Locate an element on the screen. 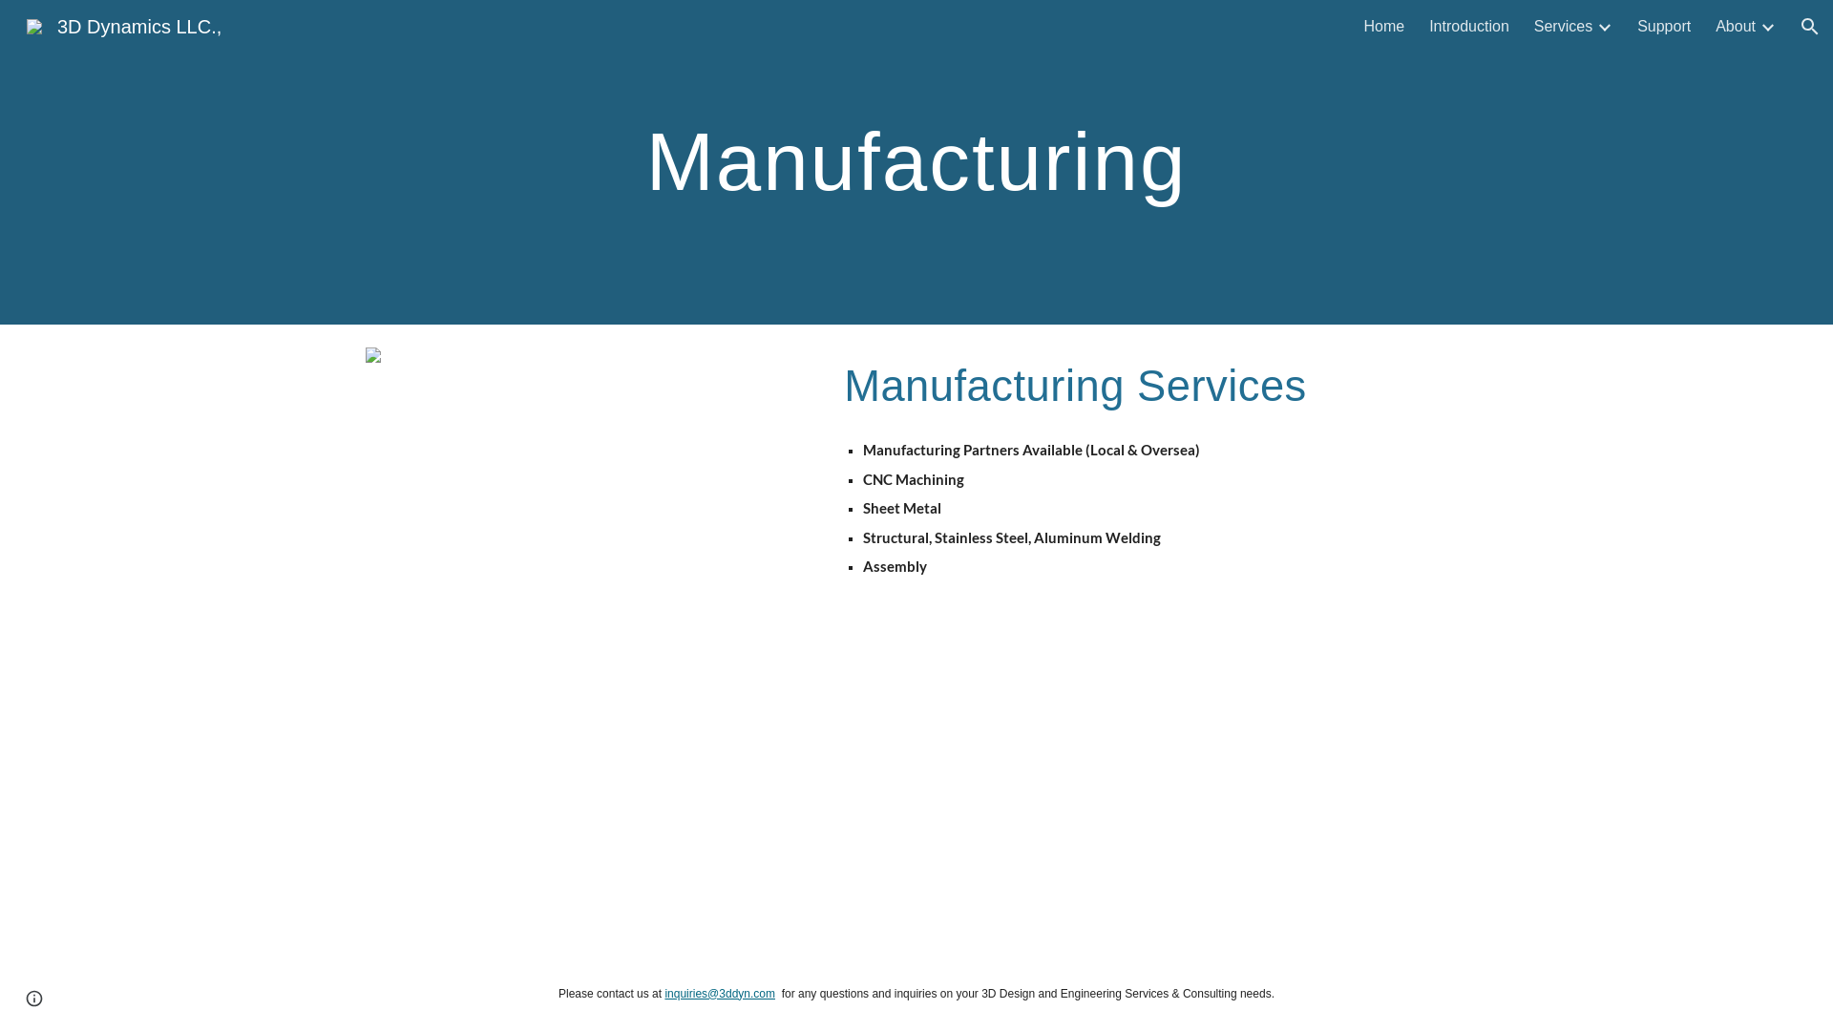 The height and width of the screenshot is (1031, 1833). 'About' is located at coordinates (1715, 26).